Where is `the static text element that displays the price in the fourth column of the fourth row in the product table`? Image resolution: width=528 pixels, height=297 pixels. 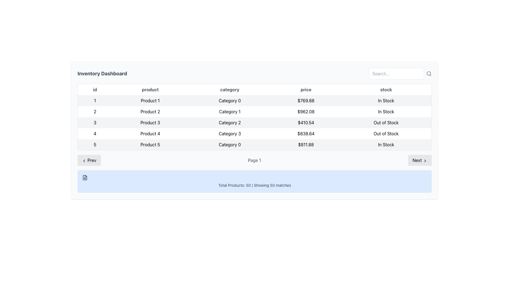 the static text element that displays the price in the fourth column of the fourth row in the product table is located at coordinates (306, 134).